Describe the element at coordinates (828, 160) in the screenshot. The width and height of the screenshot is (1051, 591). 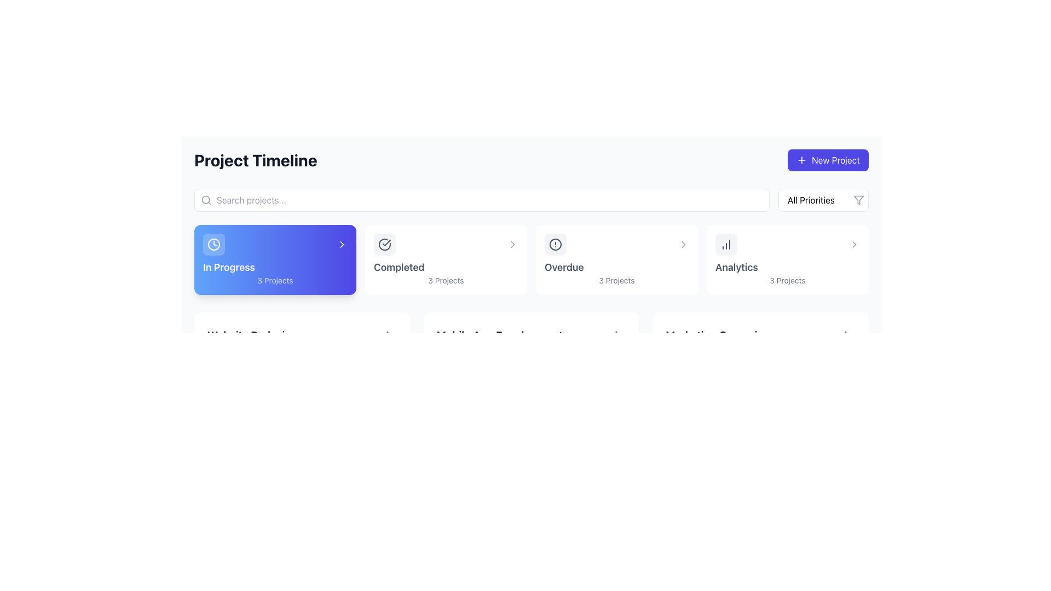
I see `the 'New Project' button, which is a rectangular button with an indigo-blue background and white text, located on the far-right side of the interface header` at that location.